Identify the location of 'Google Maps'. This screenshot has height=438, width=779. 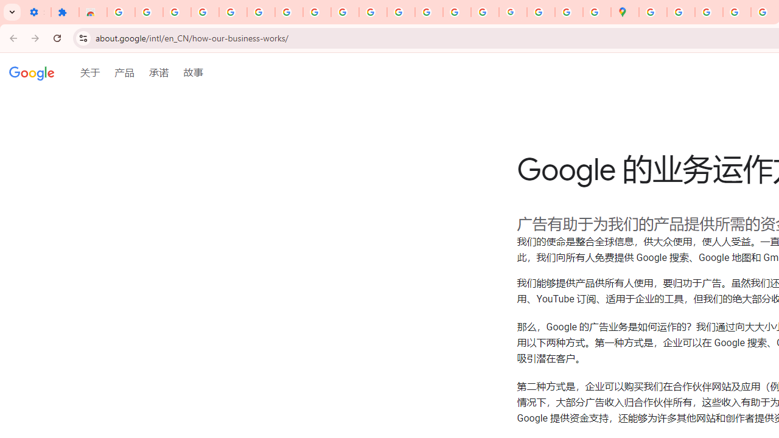
(624, 12).